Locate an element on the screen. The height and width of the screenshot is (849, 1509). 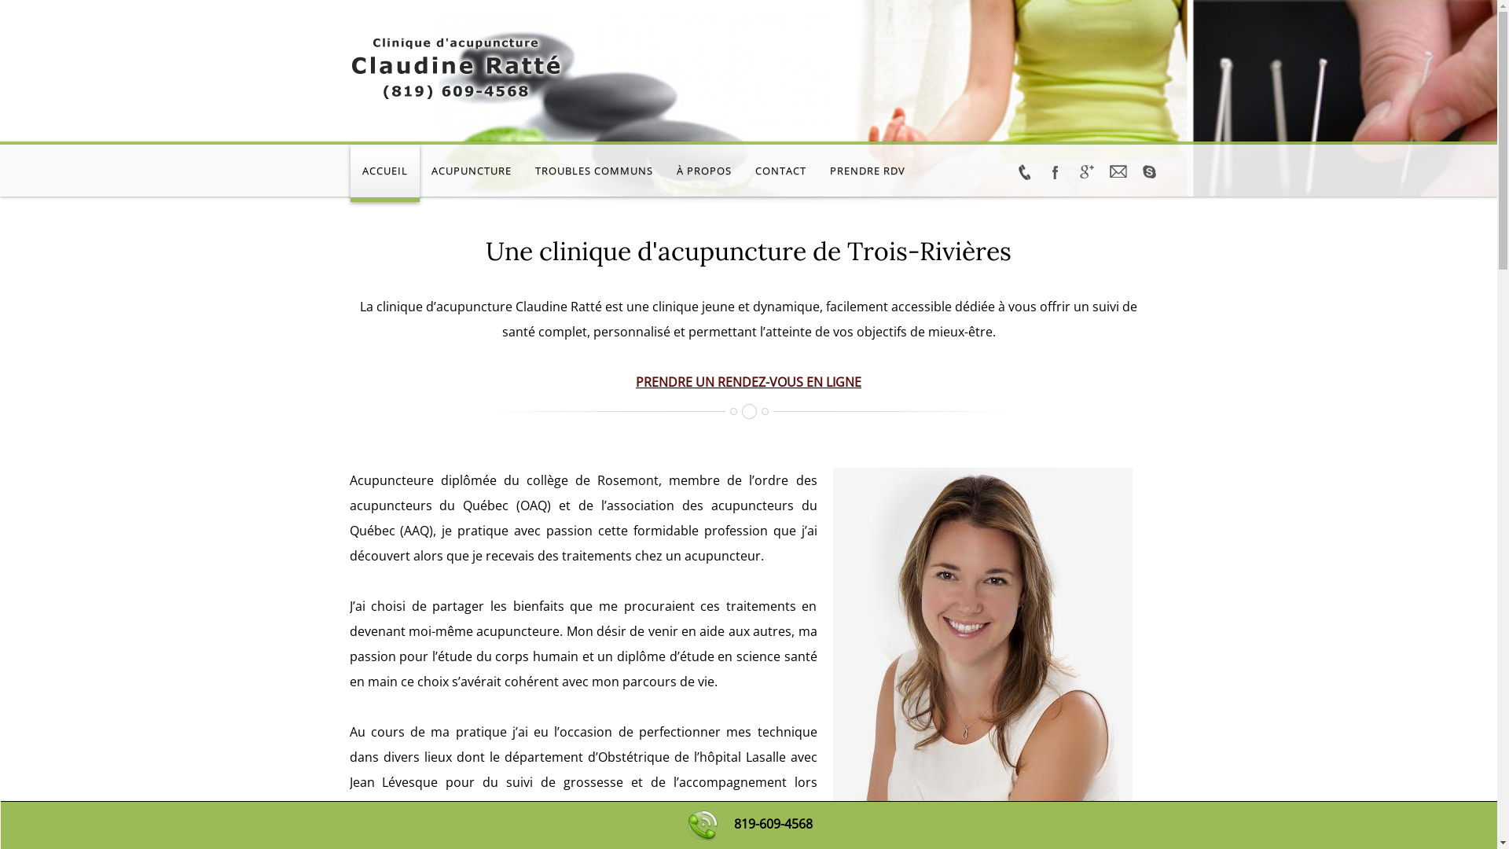
'CONTACT' is located at coordinates (742, 173).